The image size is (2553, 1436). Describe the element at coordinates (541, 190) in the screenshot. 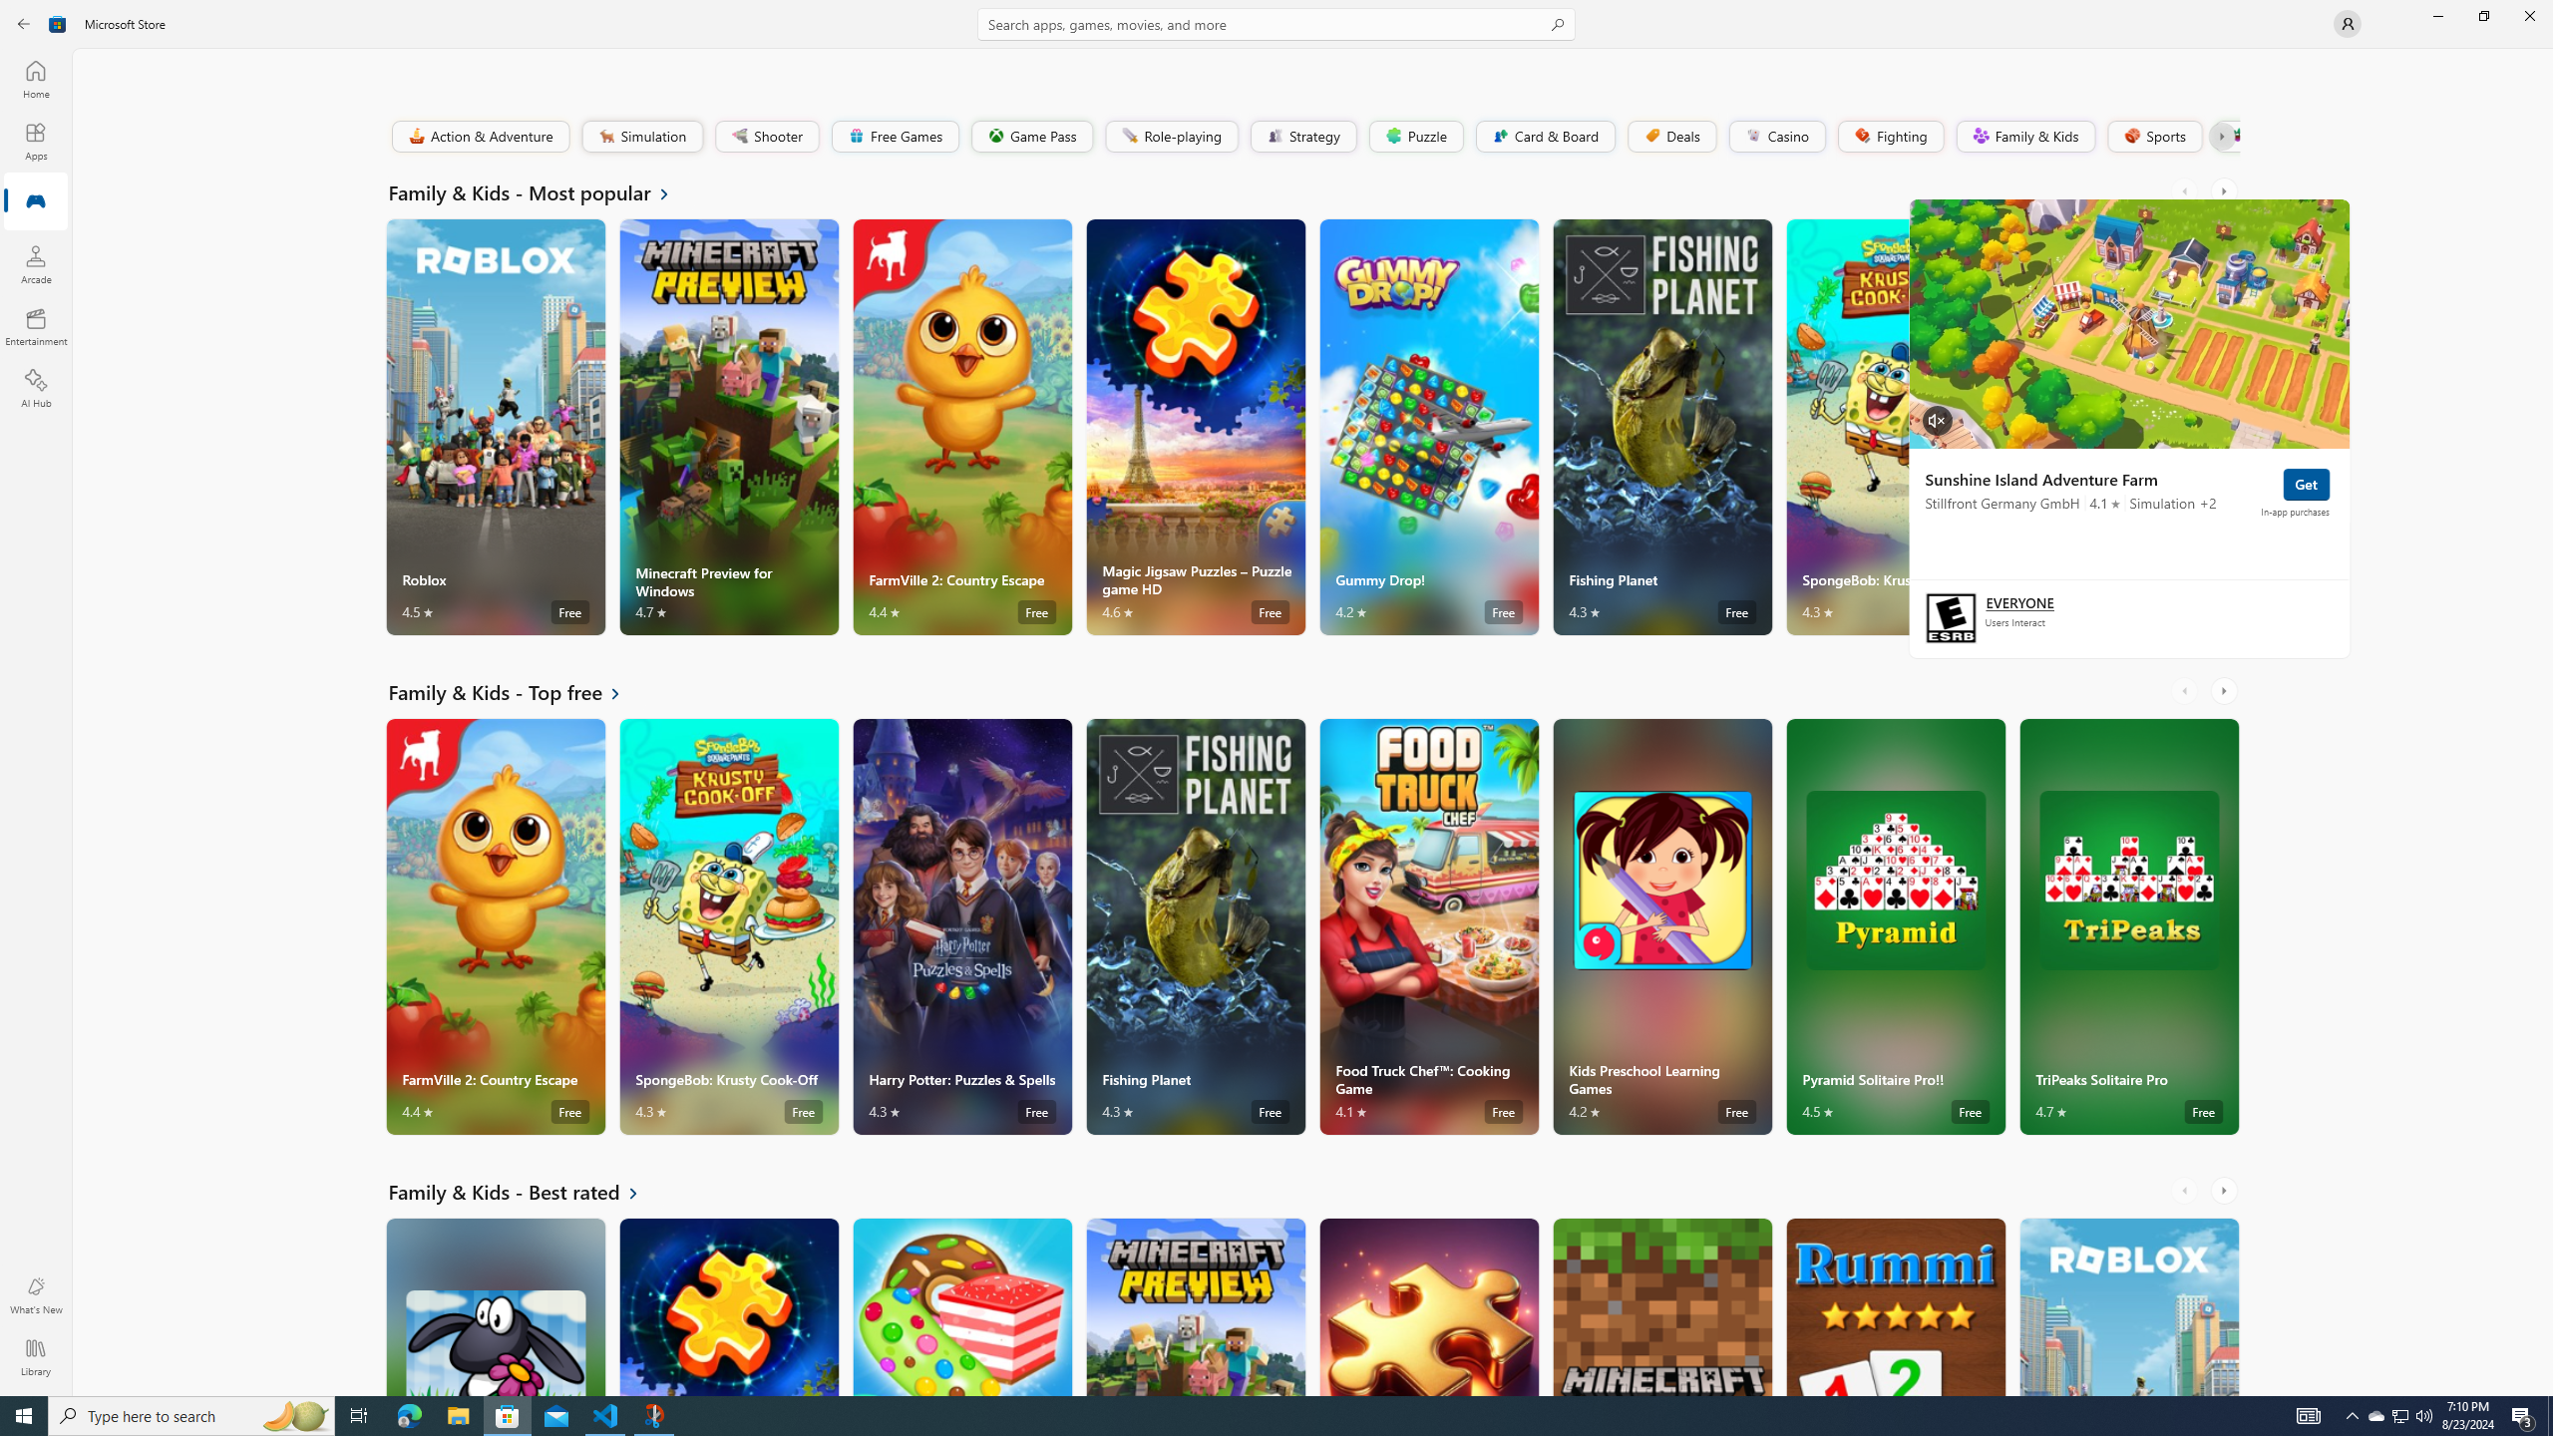

I see `'See all  Family & Kids - Most popular'` at that location.